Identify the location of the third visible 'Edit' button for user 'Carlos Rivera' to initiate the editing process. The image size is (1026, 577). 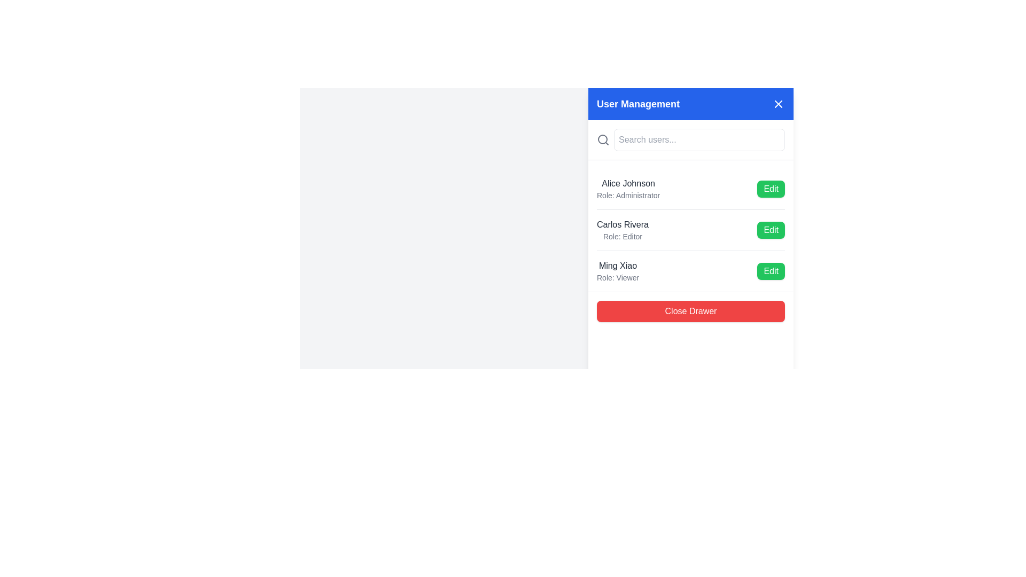
(771, 230).